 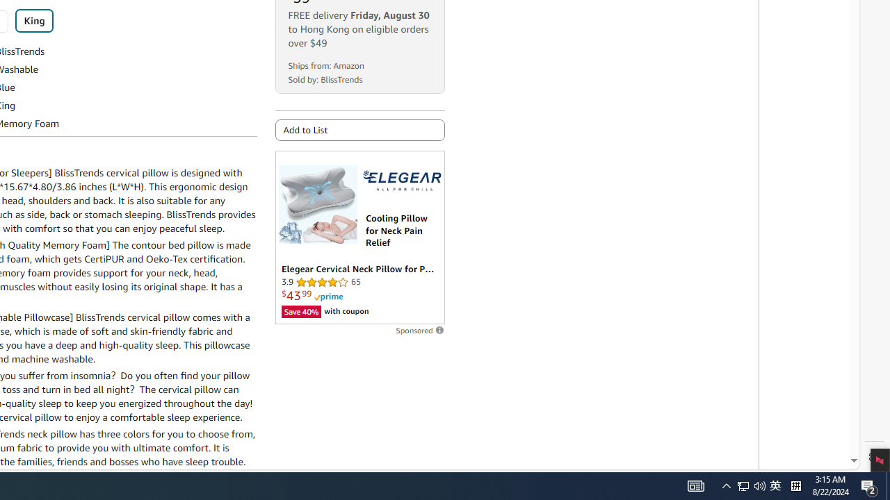 I want to click on 'Add to List', so click(x=359, y=130).